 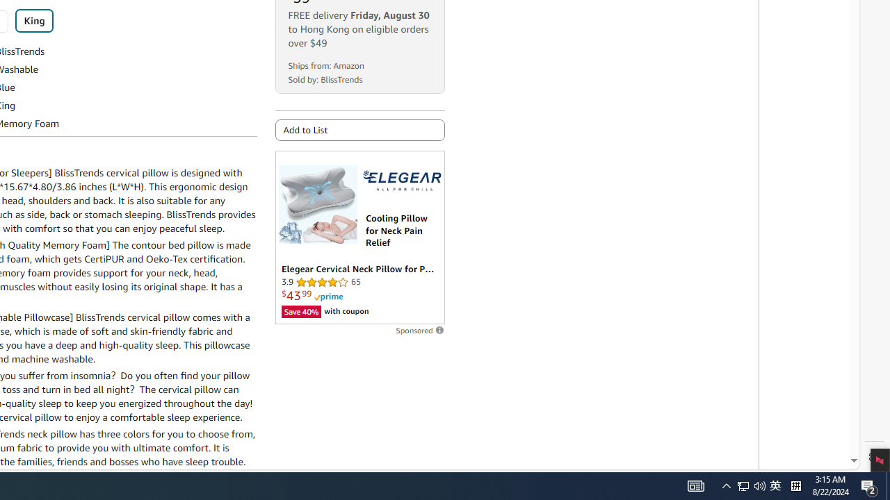 I want to click on 'Add to List', so click(x=359, y=130).